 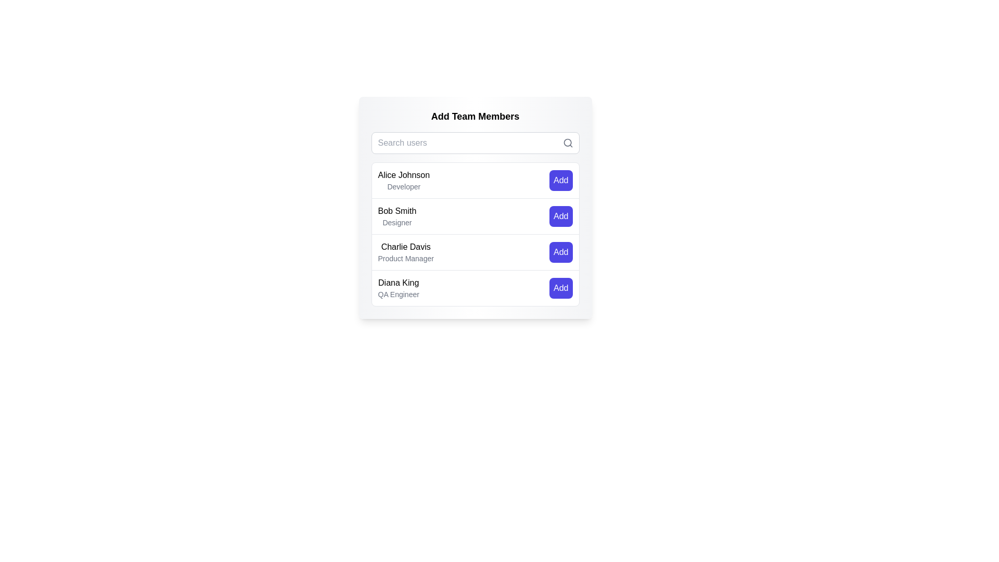 What do you see at coordinates (560, 180) in the screenshot?
I see `the button used to add 'Alice Johnson' to a team, located in the topmost row of user entries, aligned to the right side of the 'Alice Johnson Developer' entry` at bounding box center [560, 180].